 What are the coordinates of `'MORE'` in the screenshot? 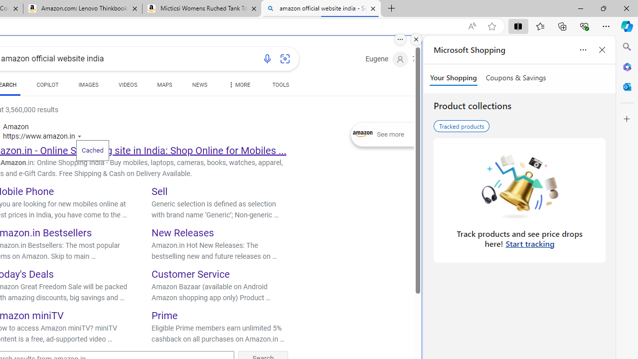 It's located at (238, 86).